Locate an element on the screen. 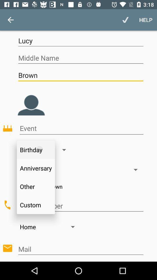 The image size is (157, 280). item above lucy item is located at coordinates (125, 20).